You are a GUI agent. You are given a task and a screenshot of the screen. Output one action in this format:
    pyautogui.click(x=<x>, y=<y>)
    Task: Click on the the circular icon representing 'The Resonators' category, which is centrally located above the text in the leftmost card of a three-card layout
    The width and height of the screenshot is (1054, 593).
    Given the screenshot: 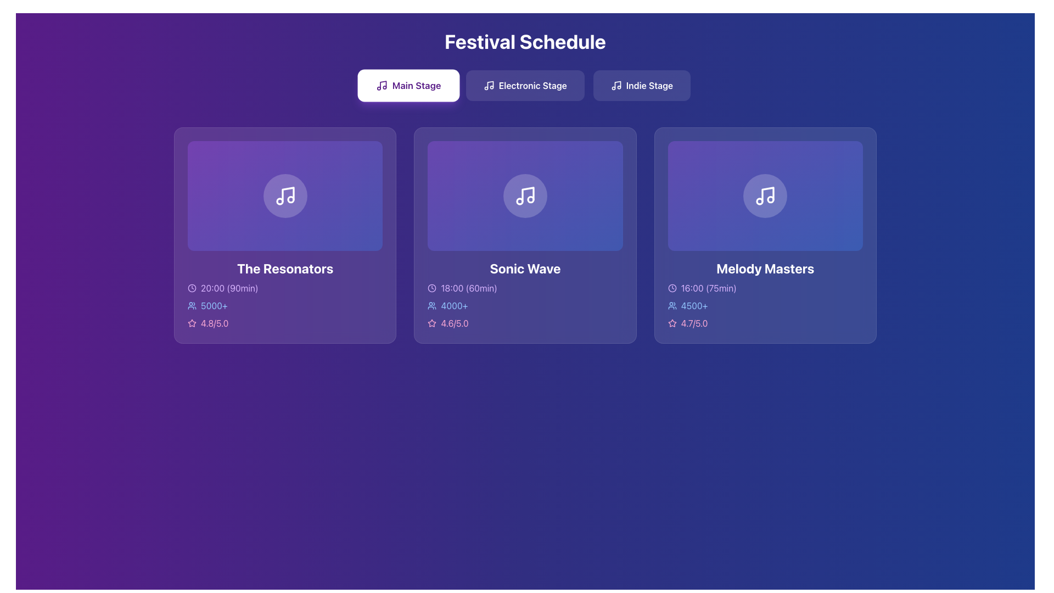 What is the action you would take?
    pyautogui.click(x=285, y=195)
    